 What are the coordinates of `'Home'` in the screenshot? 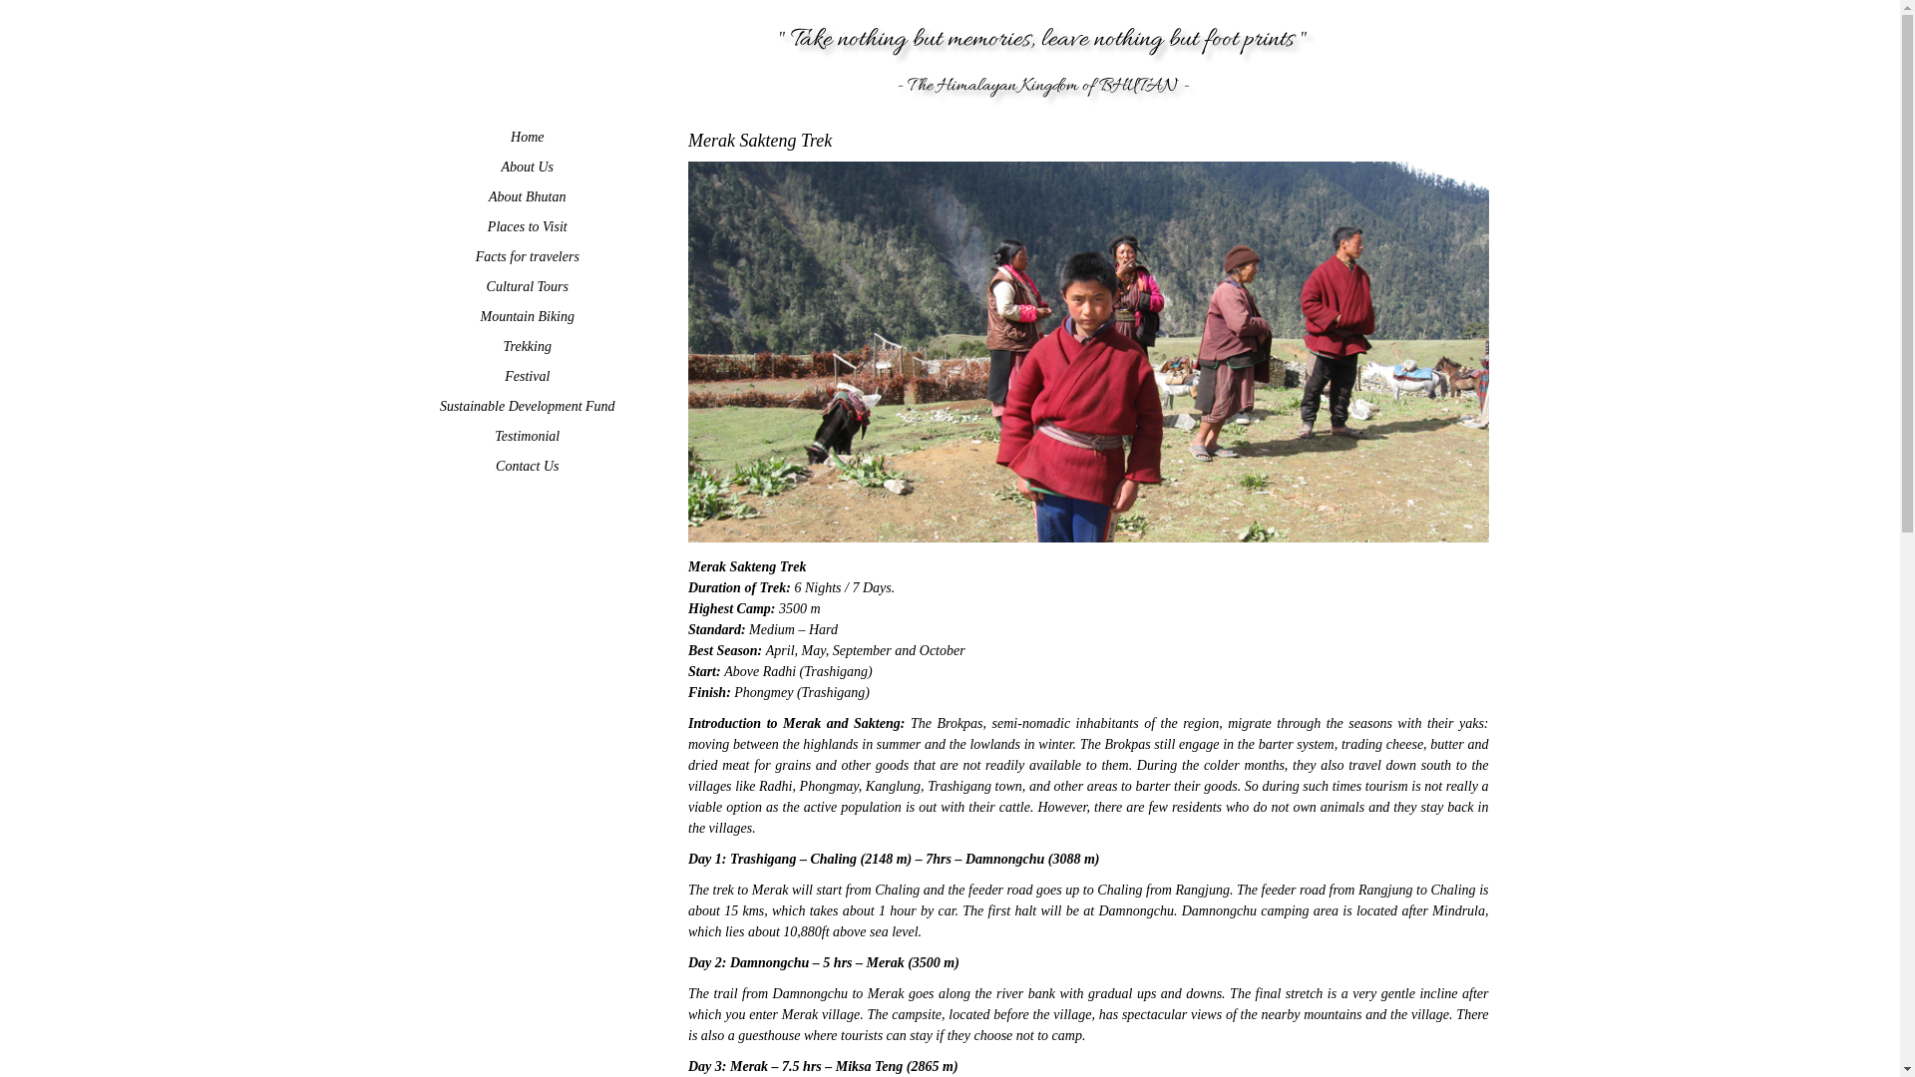 It's located at (527, 137).